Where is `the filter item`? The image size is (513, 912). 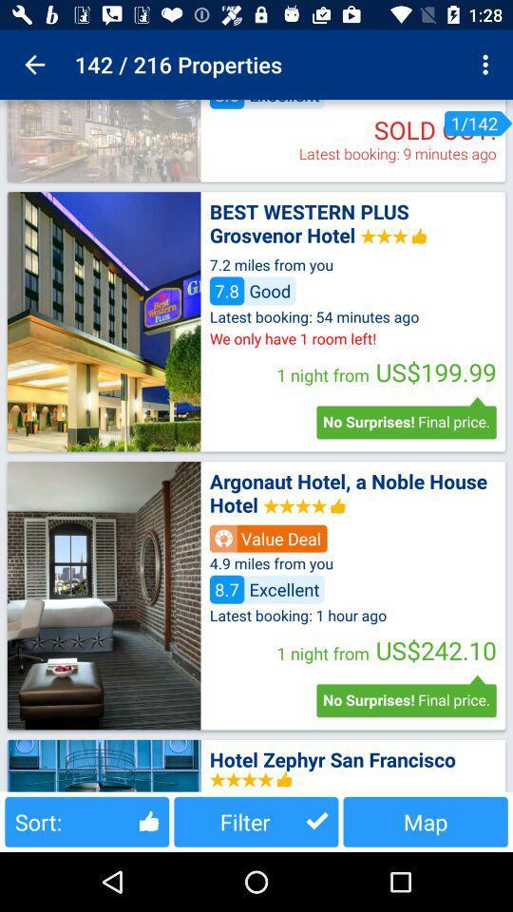 the filter item is located at coordinates (256, 821).